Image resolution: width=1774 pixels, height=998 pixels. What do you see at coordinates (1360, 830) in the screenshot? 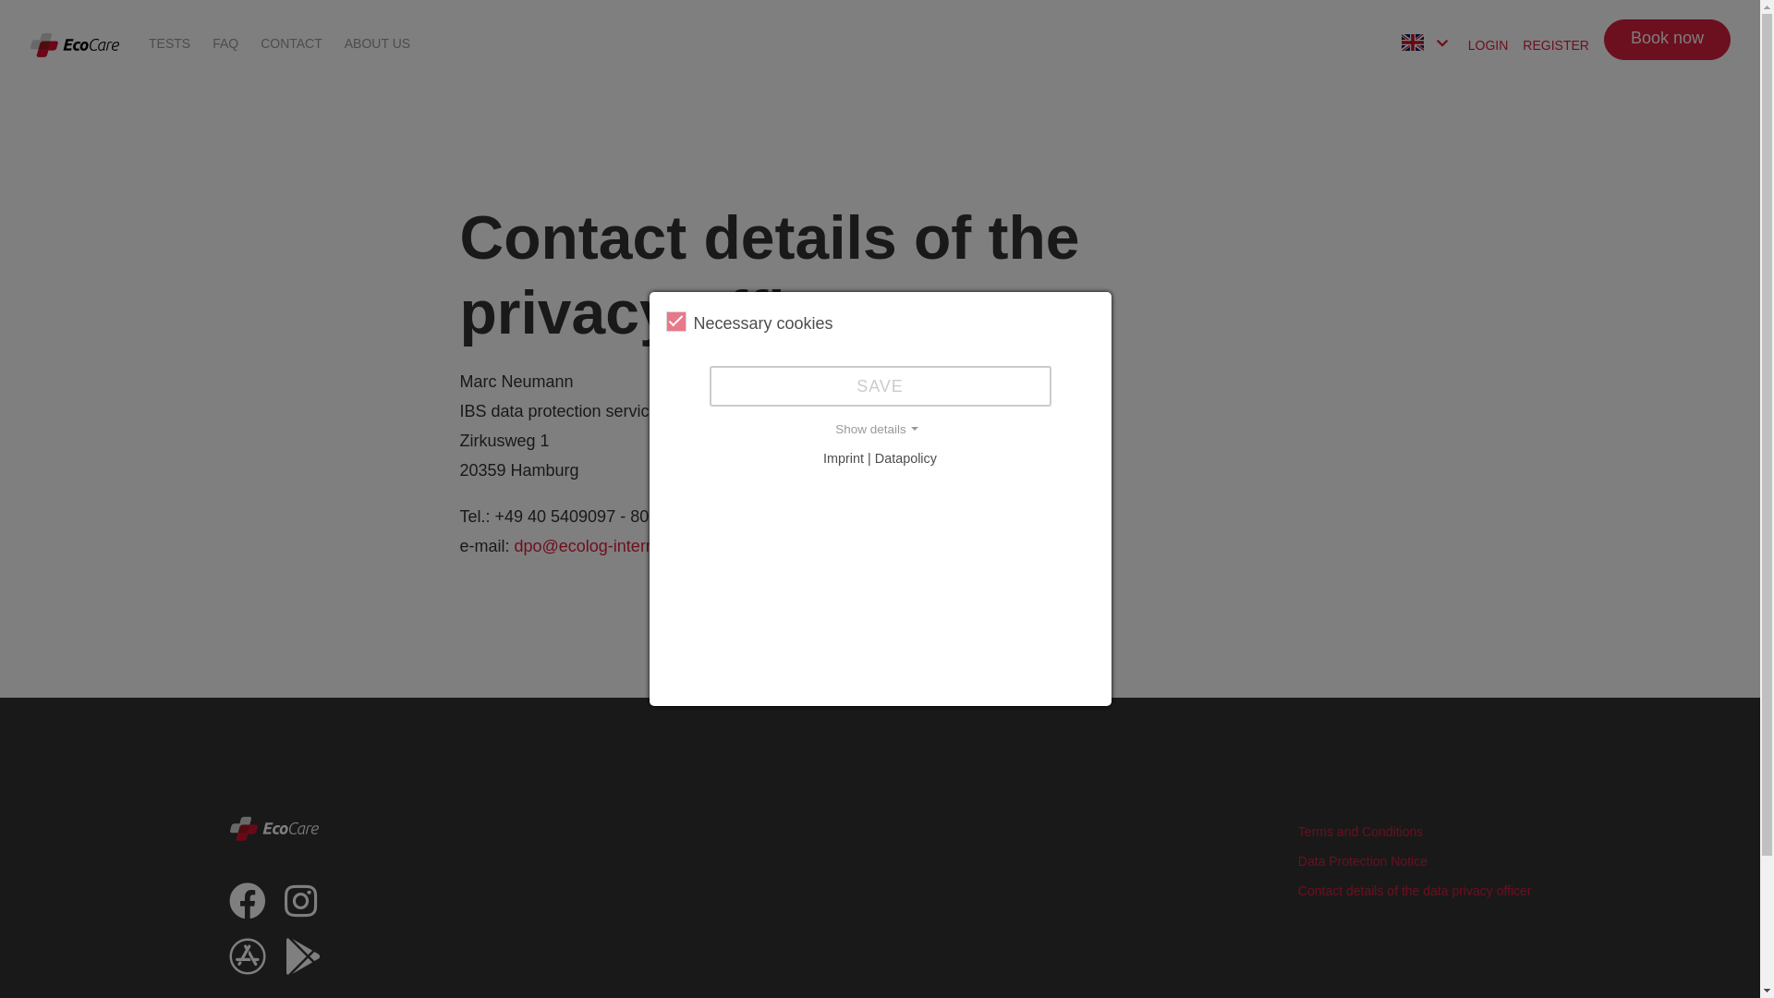
I see `'Terms and Conditions'` at bounding box center [1360, 830].